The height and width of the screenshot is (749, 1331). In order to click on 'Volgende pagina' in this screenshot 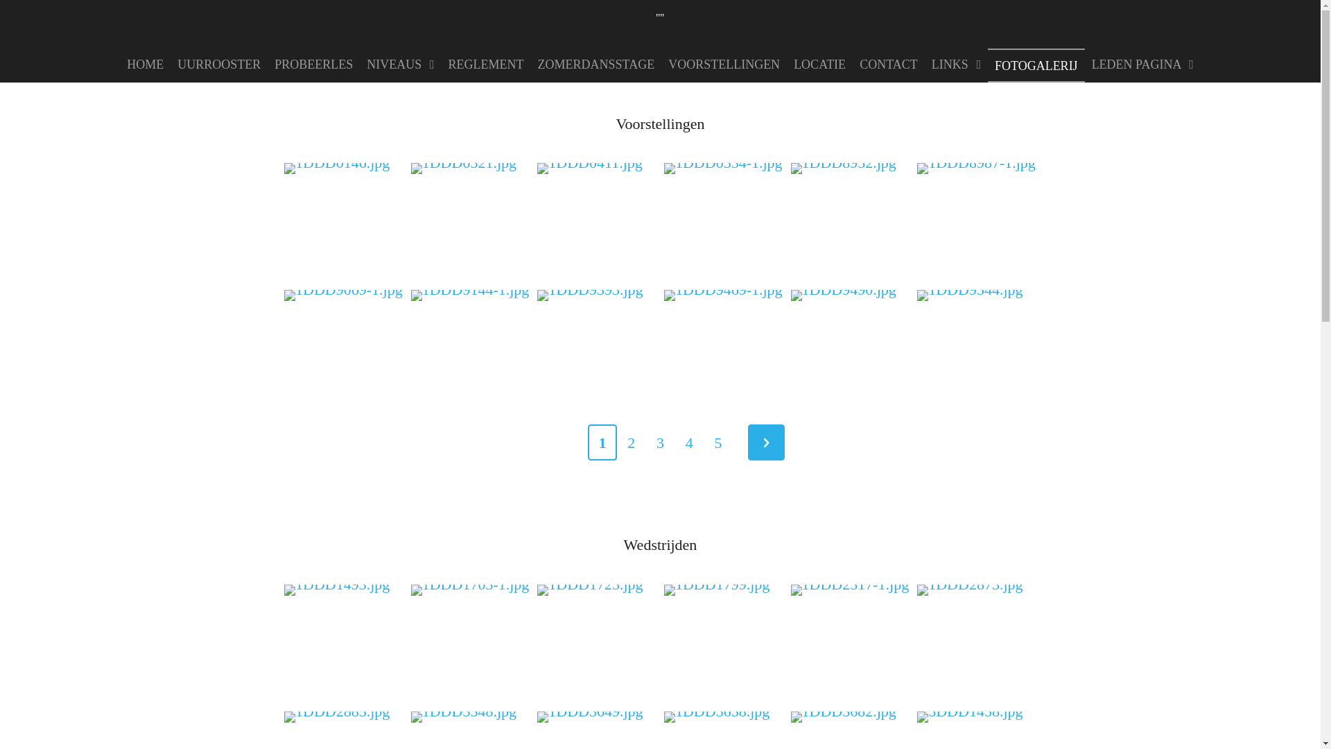, I will do `click(765, 442)`.